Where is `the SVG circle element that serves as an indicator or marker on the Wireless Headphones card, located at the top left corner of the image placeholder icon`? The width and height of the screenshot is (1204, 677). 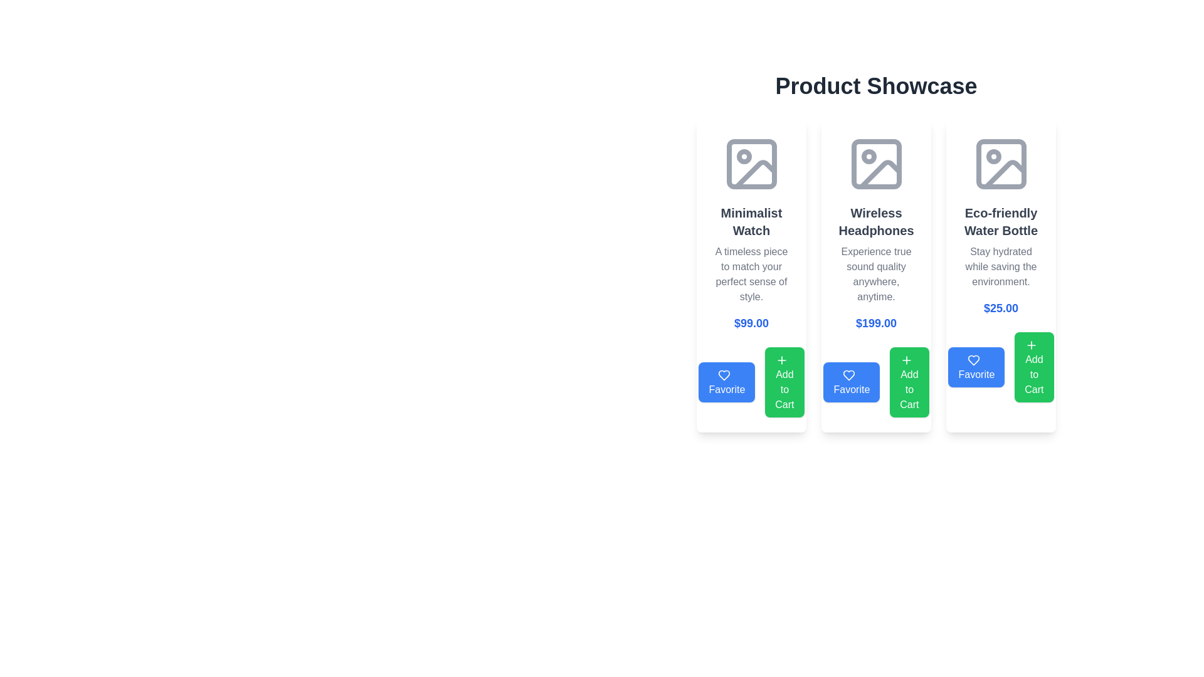 the SVG circle element that serves as an indicator or marker on the Wireless Headphones card, located at the top left corner of the image placeholder icon is located at coordinates (868, 156).